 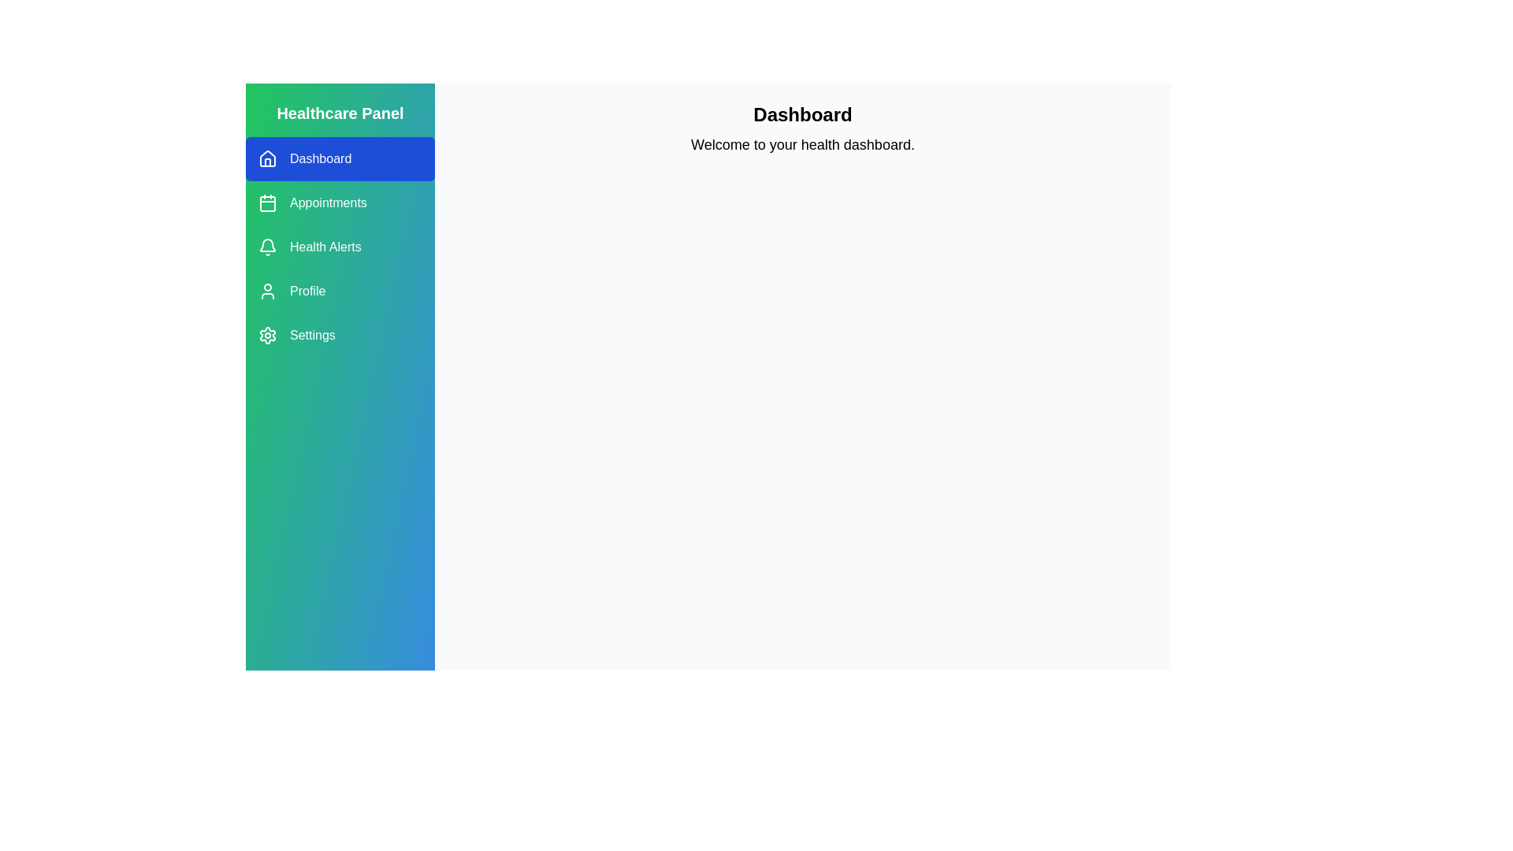 I want to click on the 'Appointments' icon in the vertical sidebar menu, so click(x=268, y=203).